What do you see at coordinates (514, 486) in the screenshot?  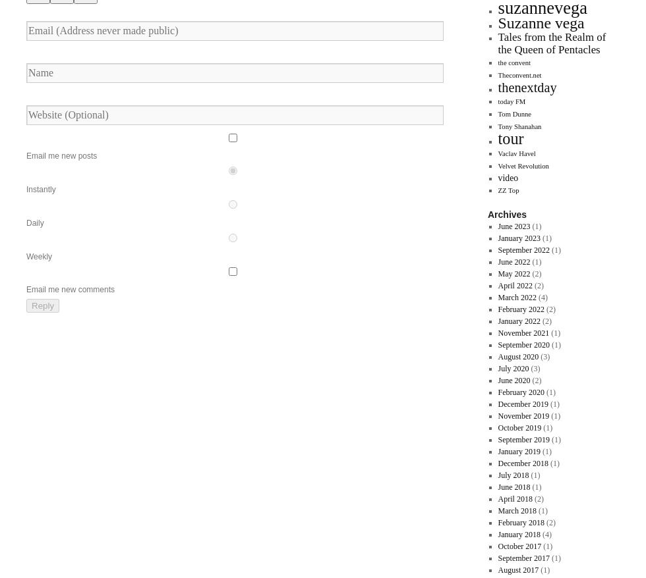 I see `'June 2018'` at bounding box center [514, 486].